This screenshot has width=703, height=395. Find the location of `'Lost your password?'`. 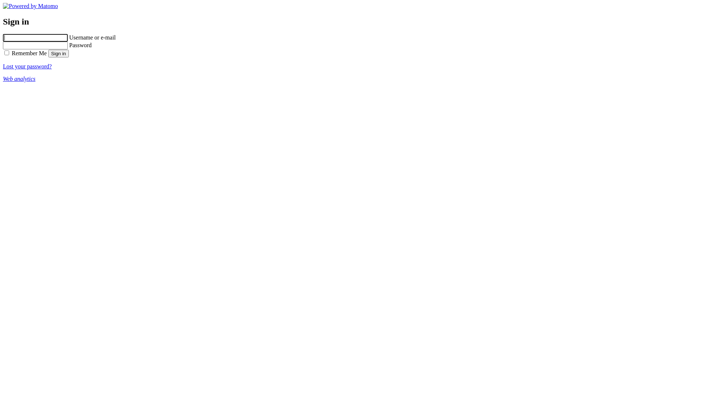

'Lost your password?' is located at coordinates (27, 66).